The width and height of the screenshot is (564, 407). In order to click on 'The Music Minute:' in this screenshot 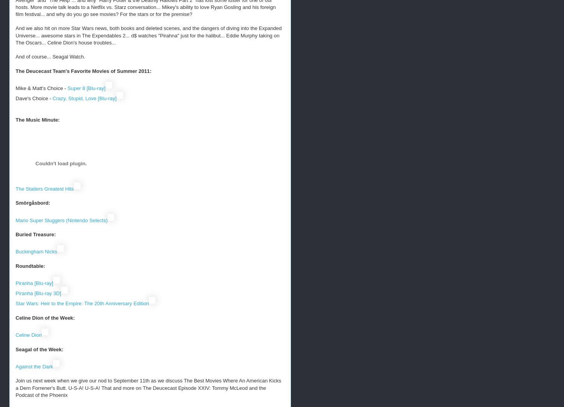, I will do `click(37, 119)`.